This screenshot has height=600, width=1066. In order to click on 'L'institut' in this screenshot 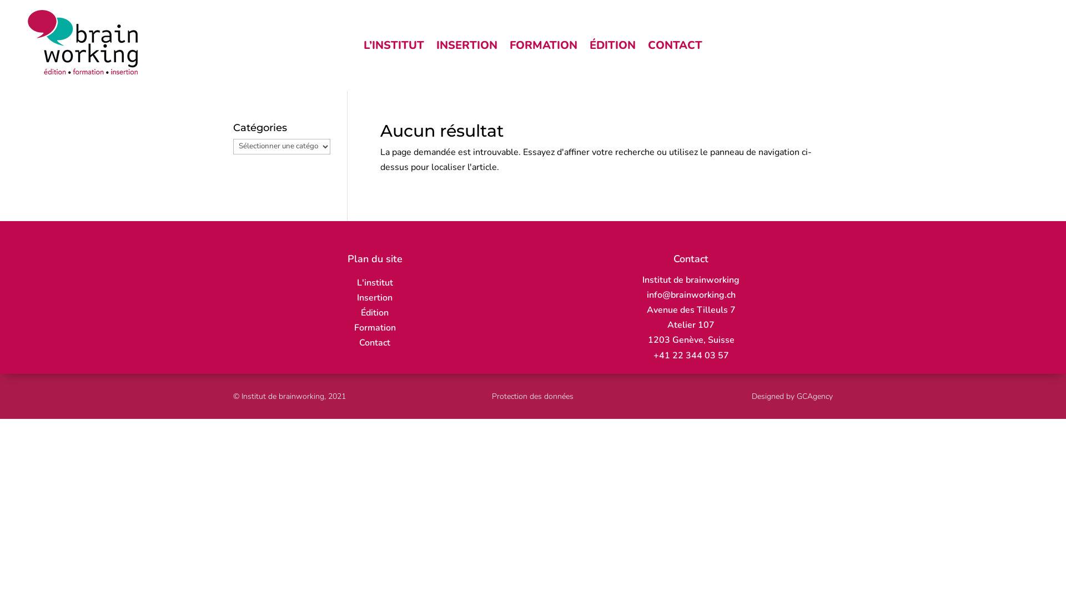, I will do `click(375, 282)`.